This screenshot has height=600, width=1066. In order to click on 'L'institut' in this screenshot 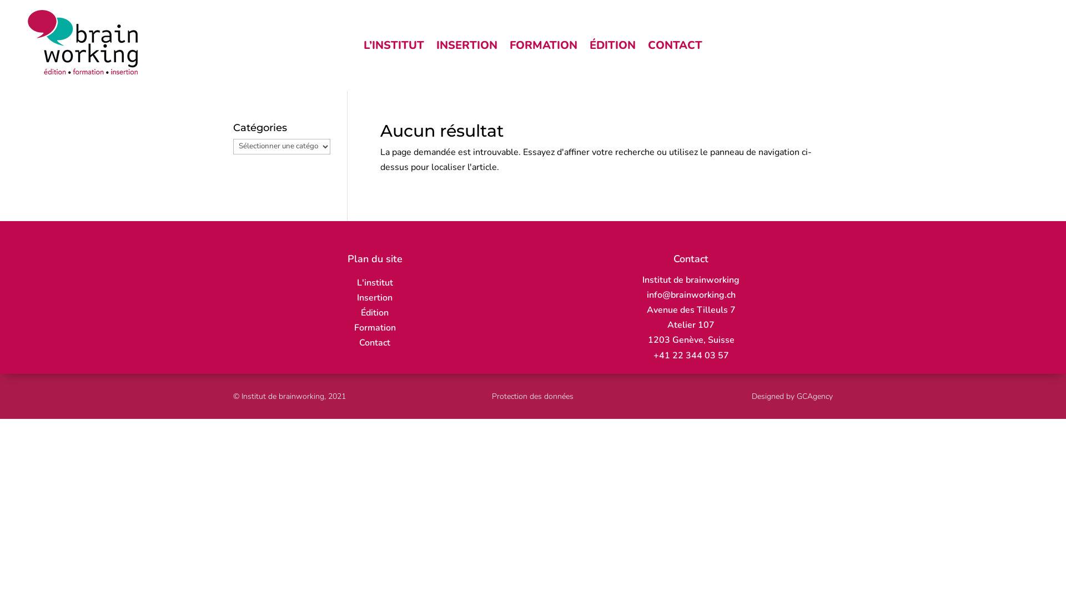, I will do `click(375, 282)`.